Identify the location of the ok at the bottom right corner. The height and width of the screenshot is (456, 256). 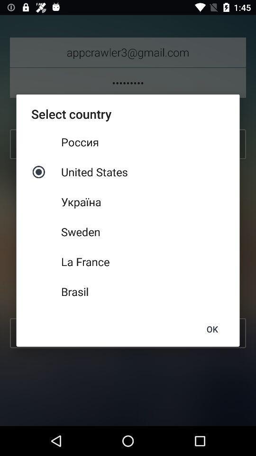
(212, 329).